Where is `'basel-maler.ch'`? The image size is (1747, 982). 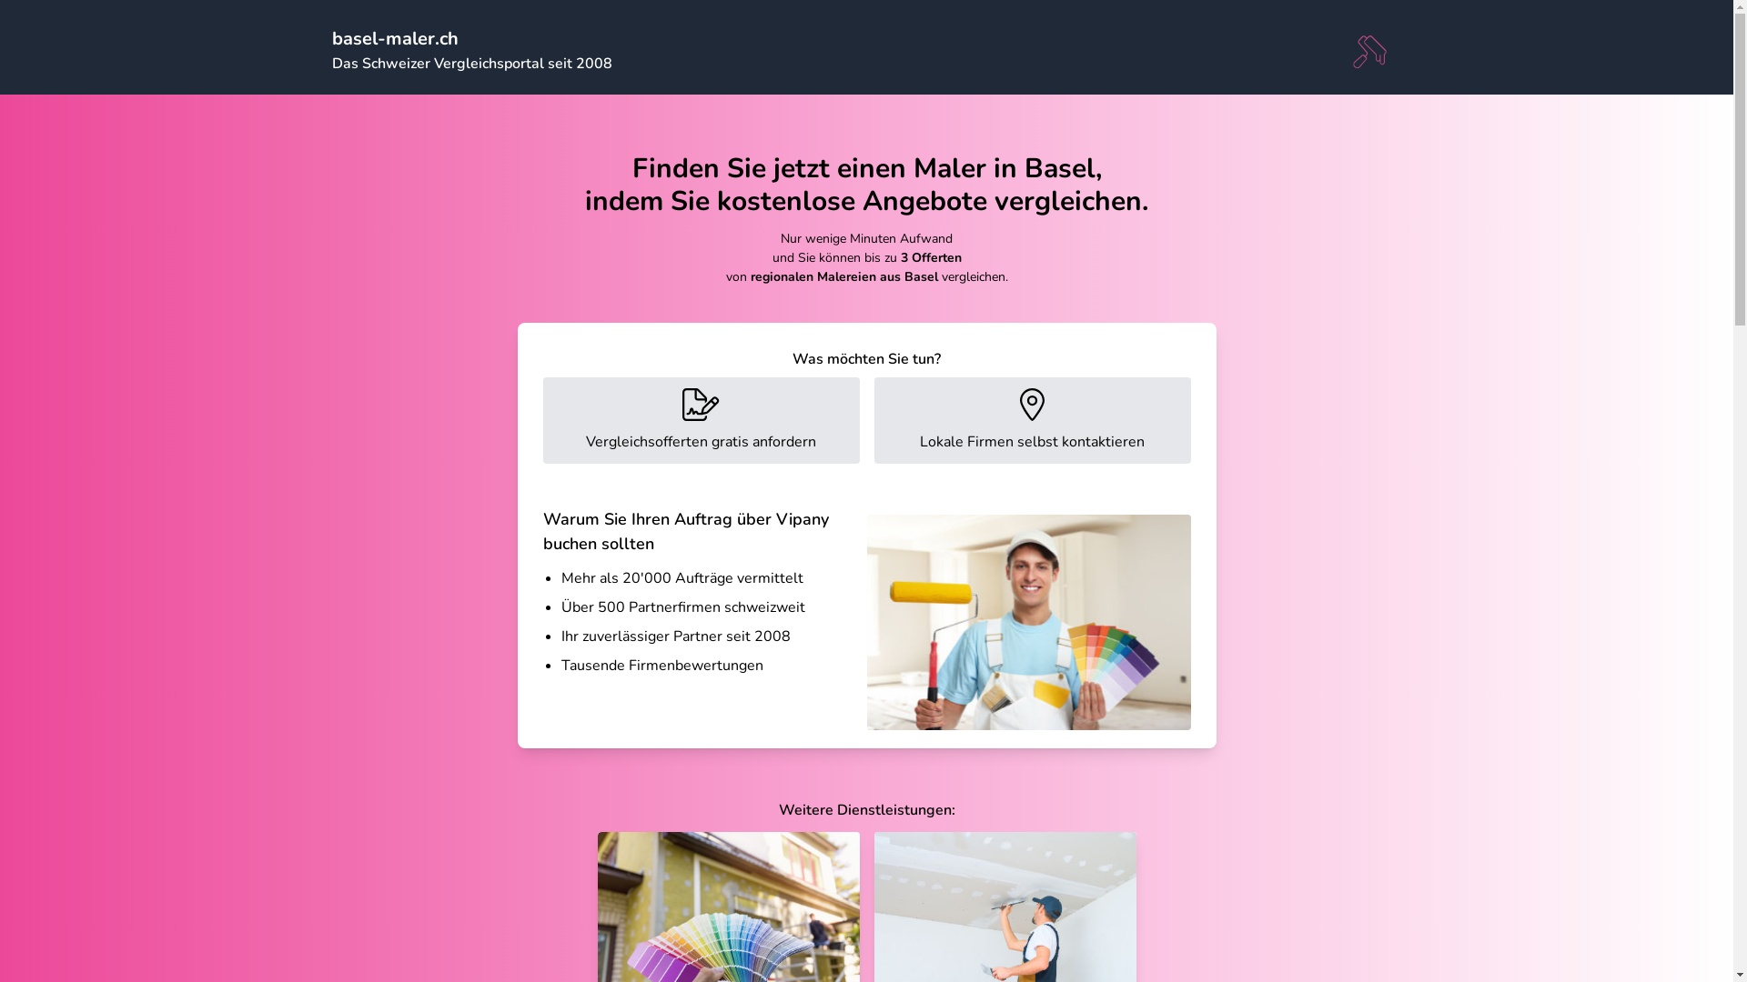 'basel-maler.ch' is located at coordinates (393, 38).